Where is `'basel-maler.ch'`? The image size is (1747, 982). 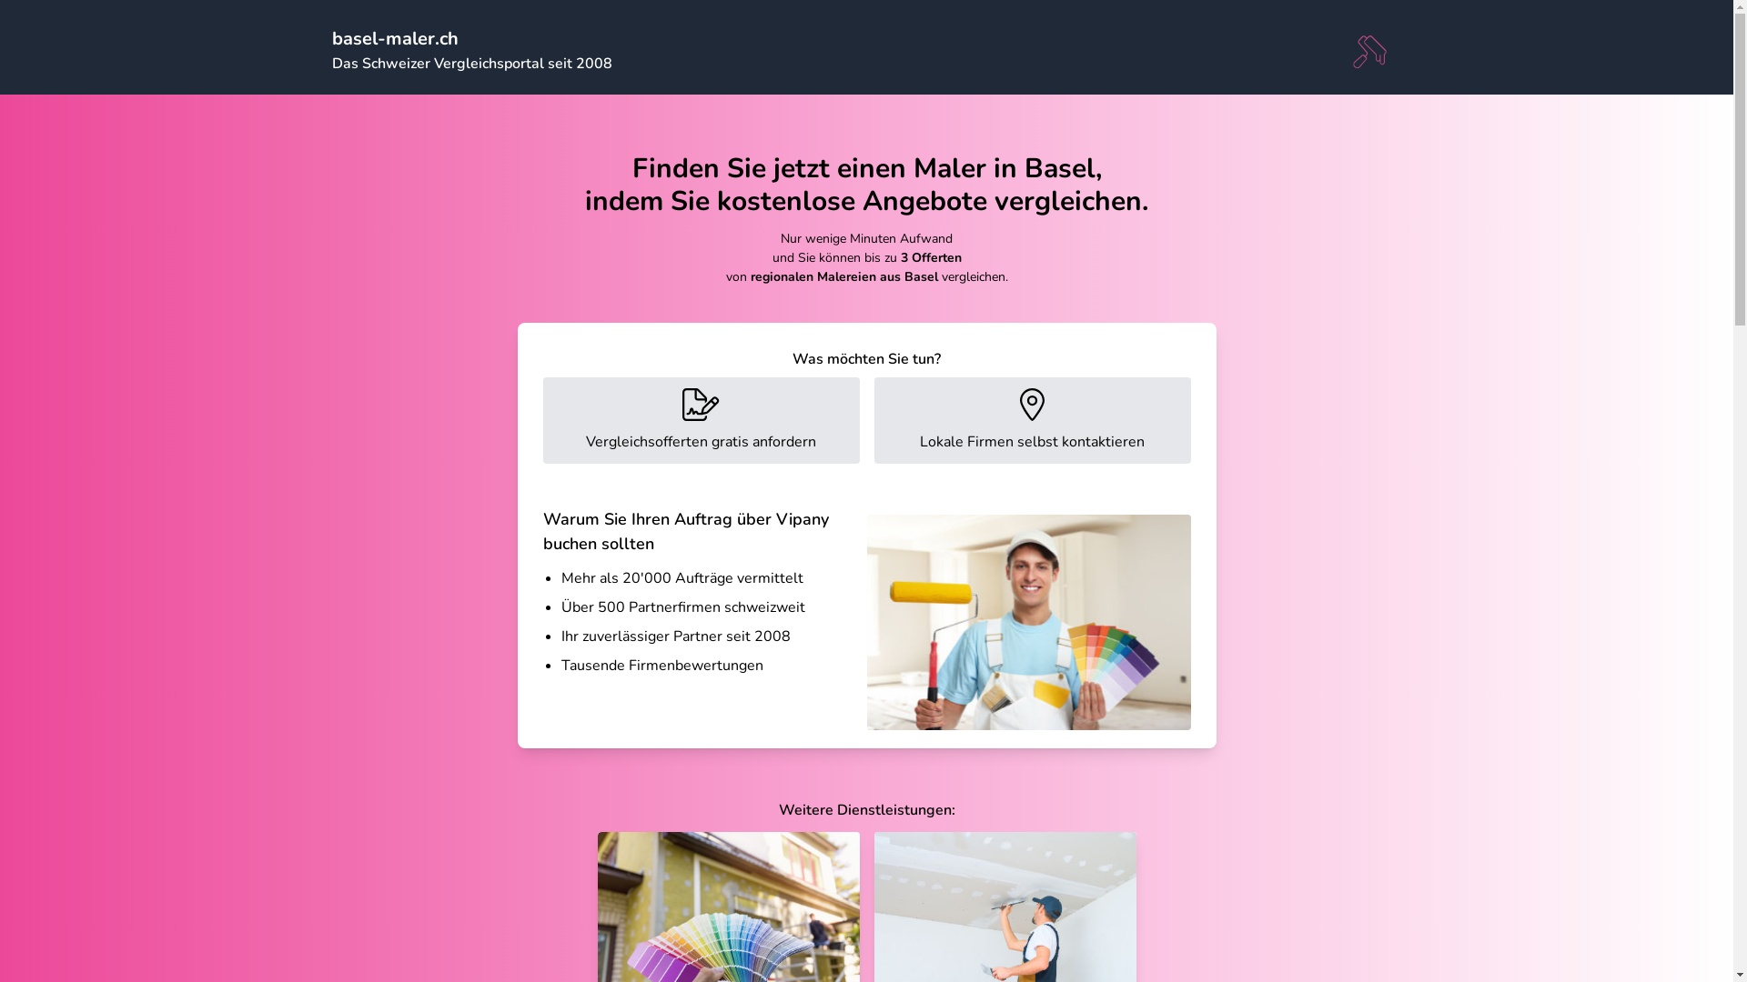 'basel-maler.ch' is located at coordinates (393, 38).